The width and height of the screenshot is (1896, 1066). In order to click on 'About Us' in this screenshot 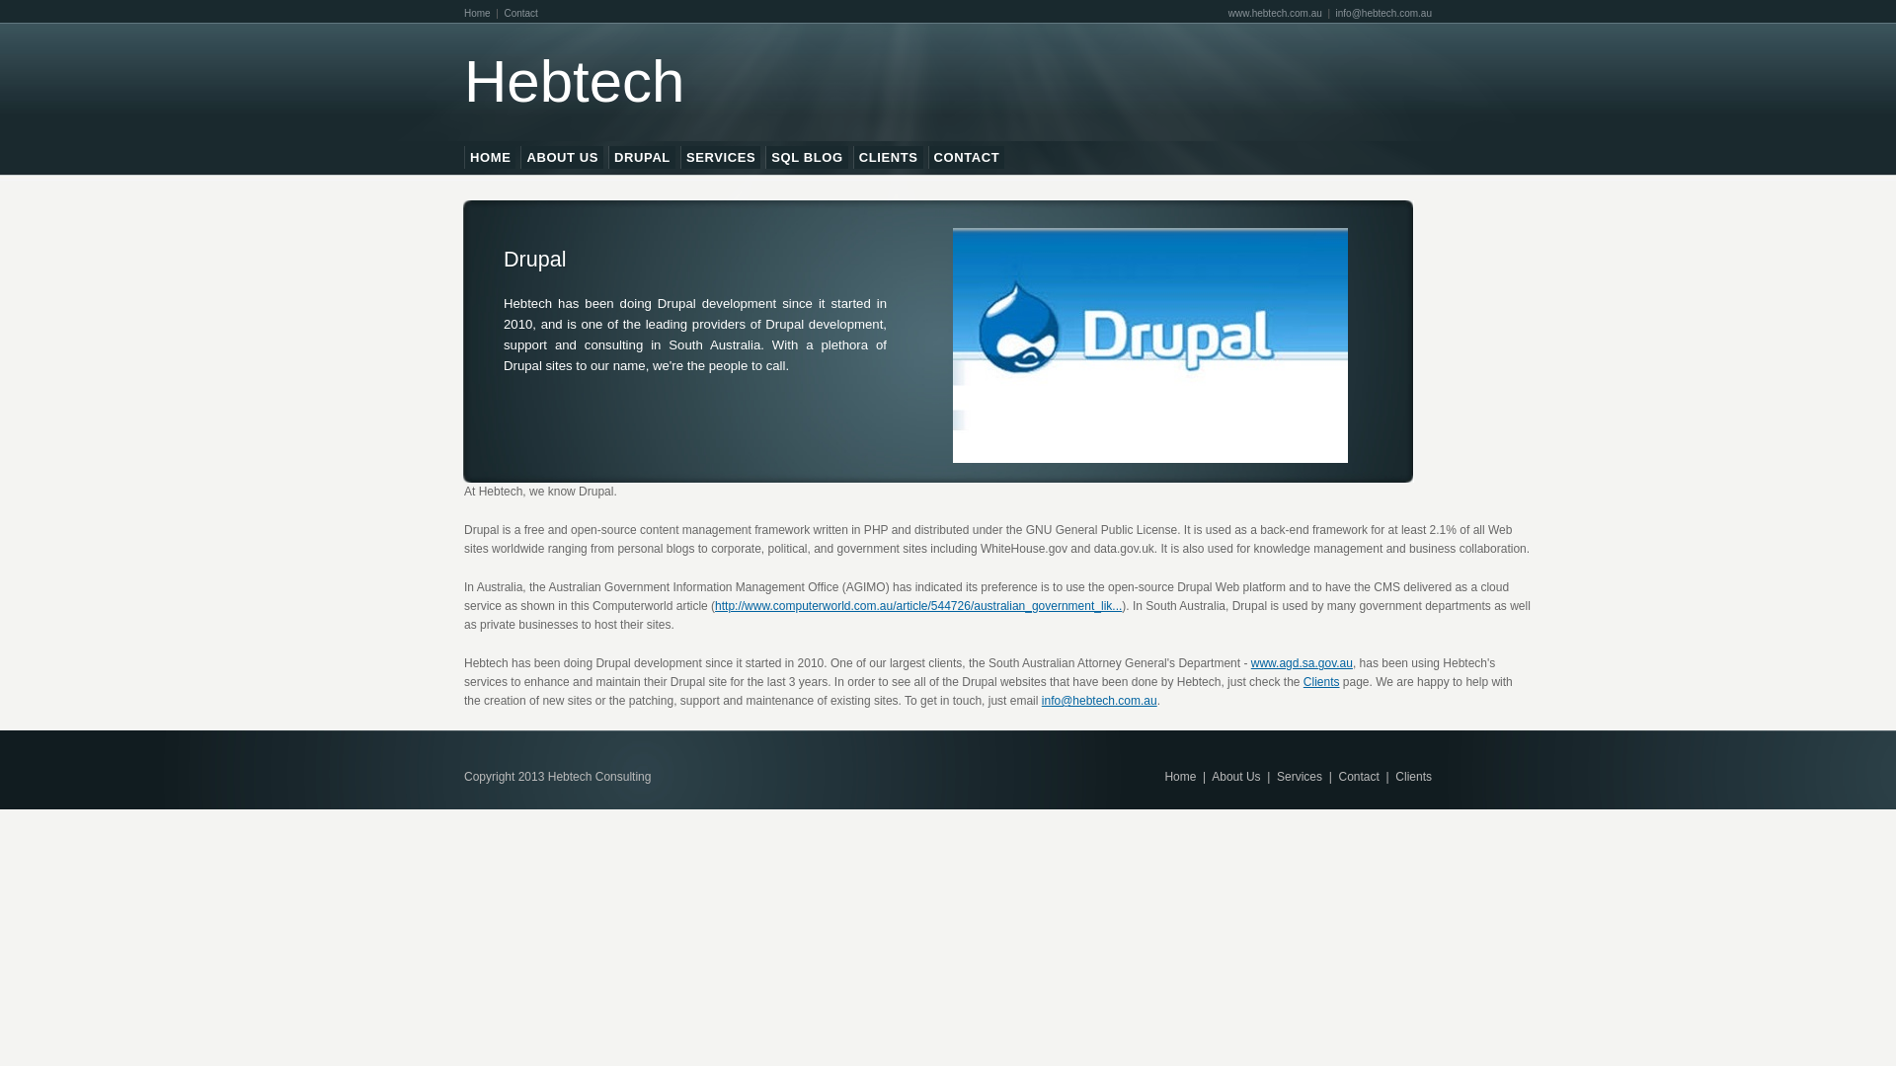, I will do `click(1234, 775)`.